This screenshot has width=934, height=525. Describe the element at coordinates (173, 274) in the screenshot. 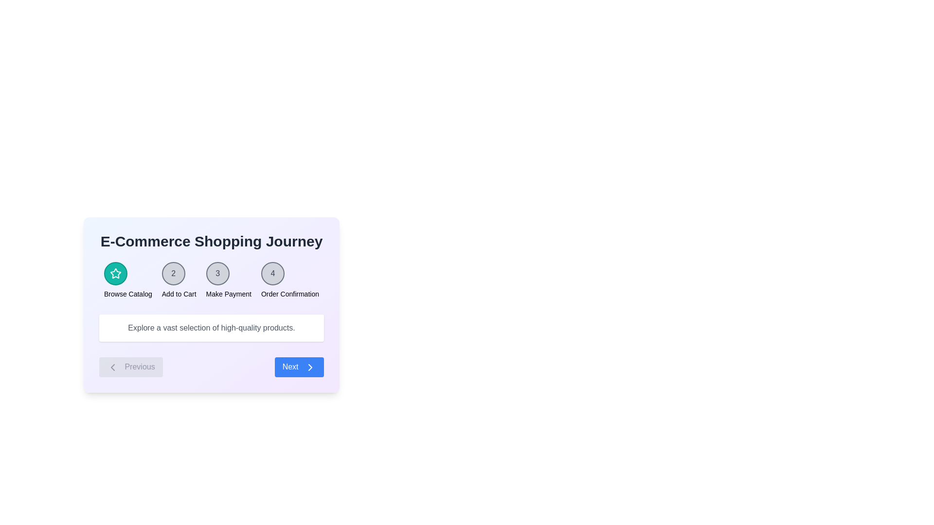

I see `the second circular button in the multi-step e-commerce process` at that location.